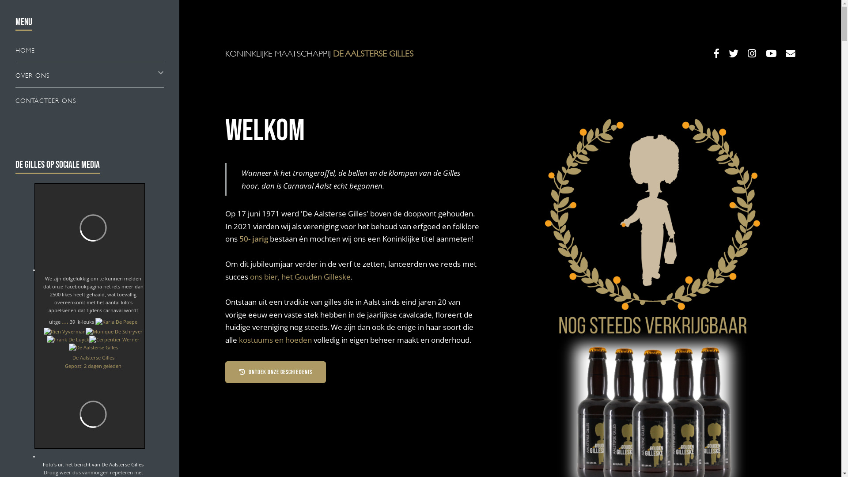 The height and width of the screenshot is (477, 848). Describe the element at coordinates (93, 366) in the screenshot. I see `'Gepost: 2 dagen geleden'` at that location.